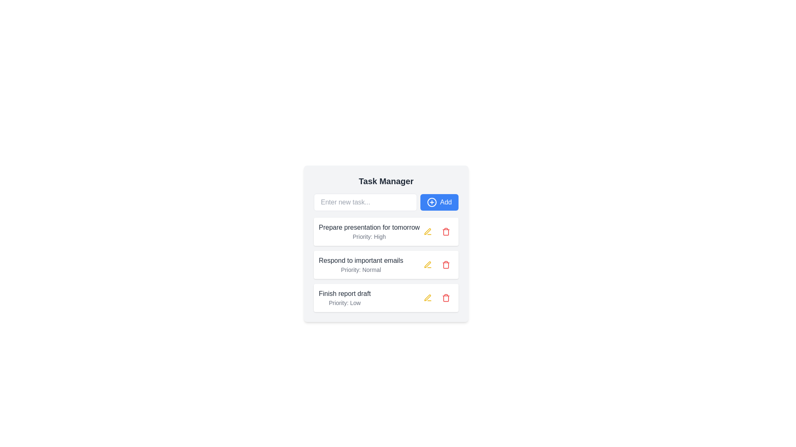 This screenshot has width=796, height=447. What do you see at coordinates (345, 298) in the screenshot?
I see `text displayed in the description of the last task in the task management application, which is located at the bottom of a list within a UI card` at bounding box center [345, 298].